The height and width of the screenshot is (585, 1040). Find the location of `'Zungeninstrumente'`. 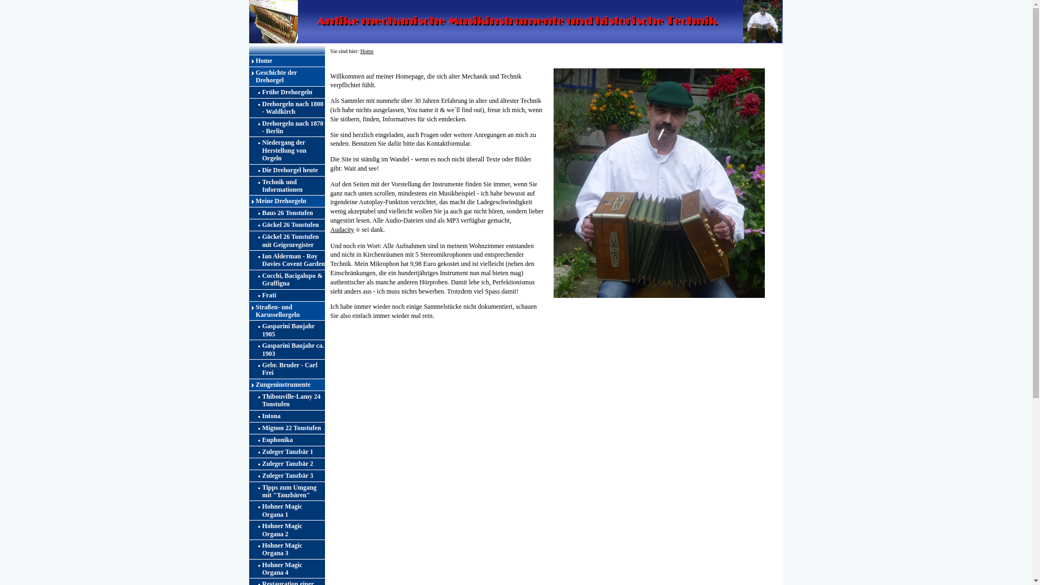

'Zungeninstrumente' is located at coordinates (287, 384).